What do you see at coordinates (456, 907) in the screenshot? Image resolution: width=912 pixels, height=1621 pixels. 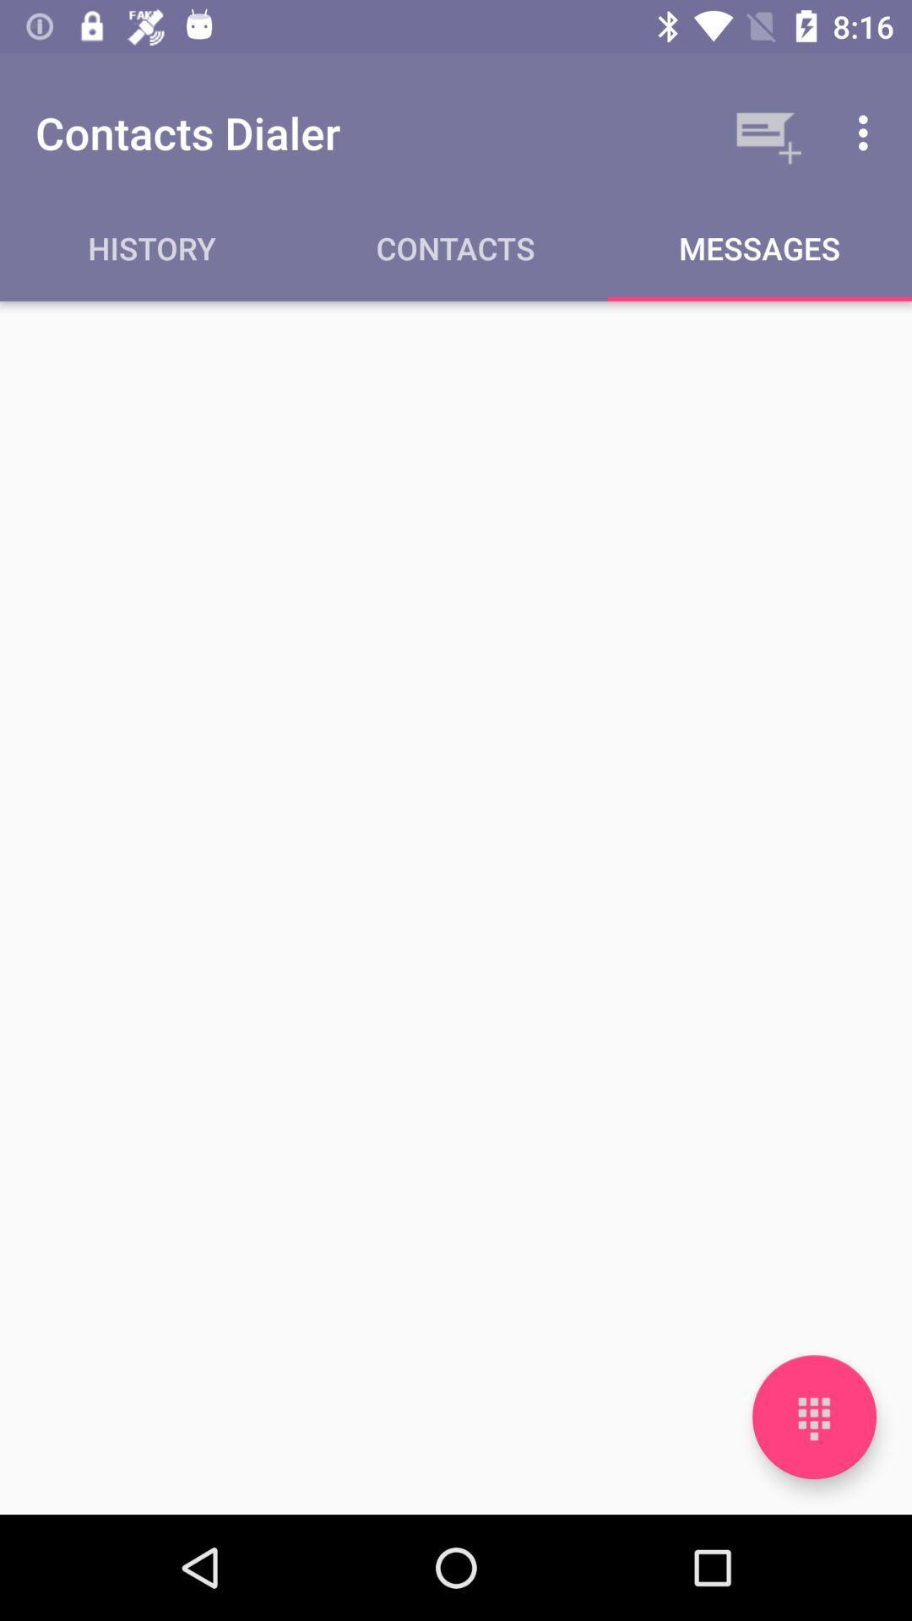 I see `item at the center` at bounding box center [456, 907].